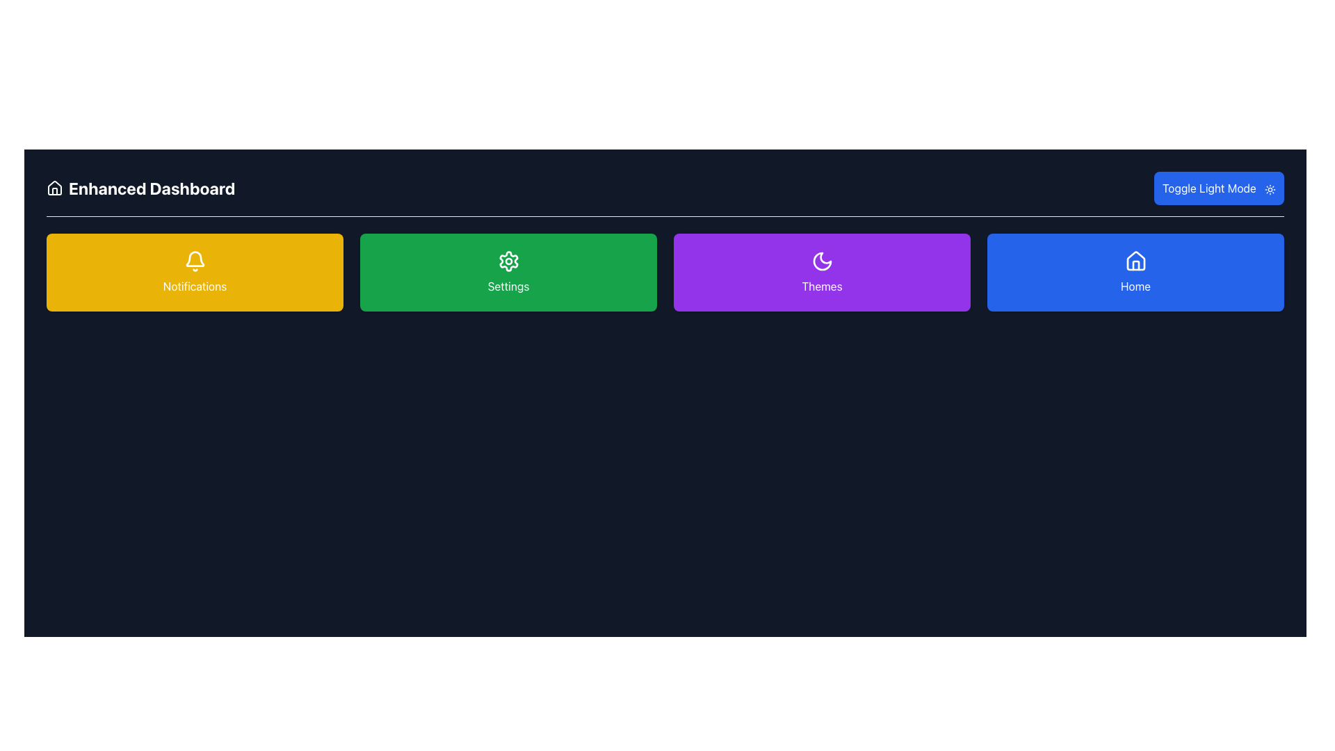  Describe the element at coordinates (1270, 189) in the screenshot. I see `the small, circular sun icon button with a blue background and white outlines, located in the rightmost section of the top bar, part of the 'Toggle Light Mode' button component` at that location.